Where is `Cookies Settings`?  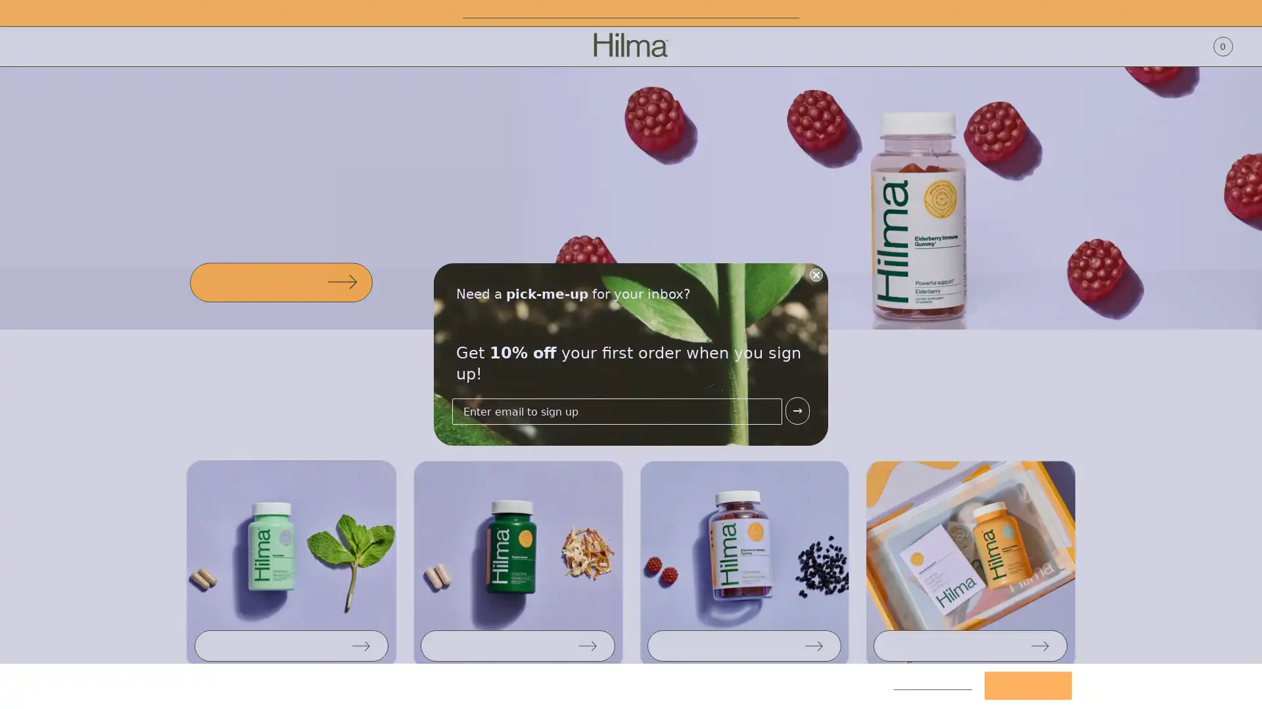
Cookies Settings is located at coordinates (931, 691).